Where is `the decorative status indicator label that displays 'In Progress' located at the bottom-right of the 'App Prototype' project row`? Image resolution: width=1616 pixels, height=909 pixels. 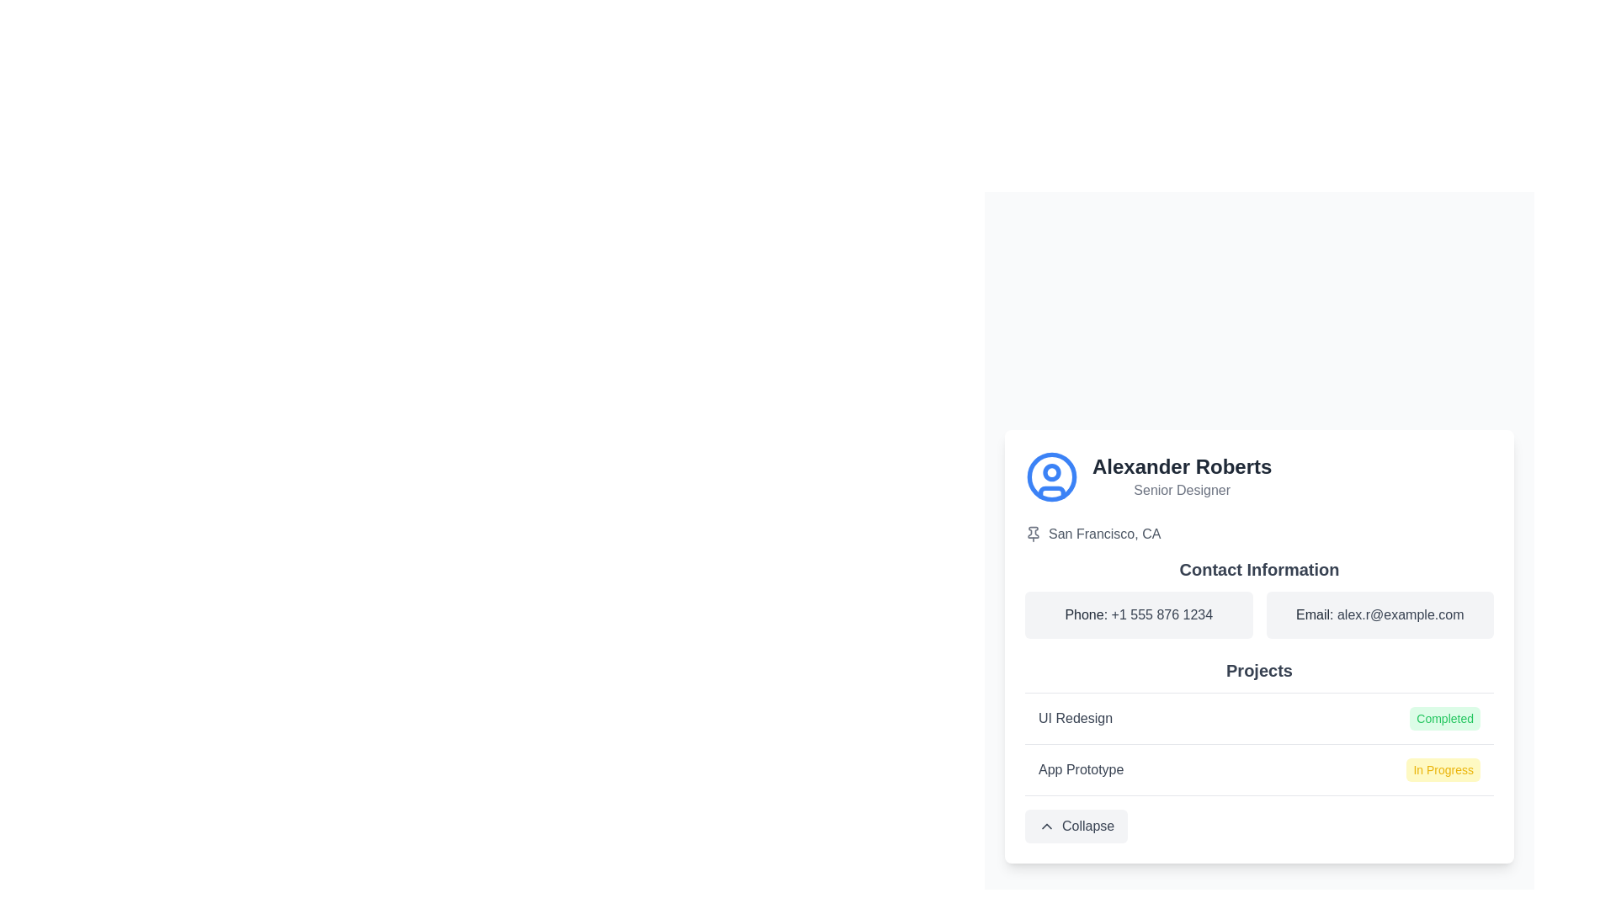
the decorative status indicator label that displays 'In Progress' located at the bottom-right of the 'App Prototype' project row is located at coordinates (1443, 769).